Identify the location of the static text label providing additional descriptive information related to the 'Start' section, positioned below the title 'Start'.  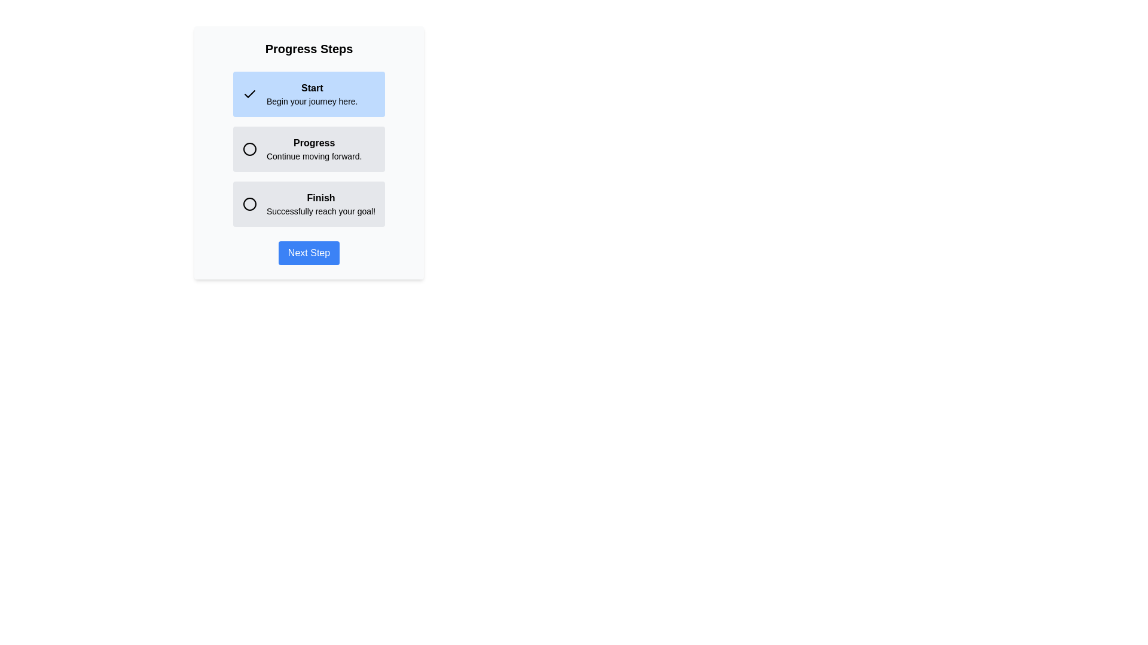
(312, 100).